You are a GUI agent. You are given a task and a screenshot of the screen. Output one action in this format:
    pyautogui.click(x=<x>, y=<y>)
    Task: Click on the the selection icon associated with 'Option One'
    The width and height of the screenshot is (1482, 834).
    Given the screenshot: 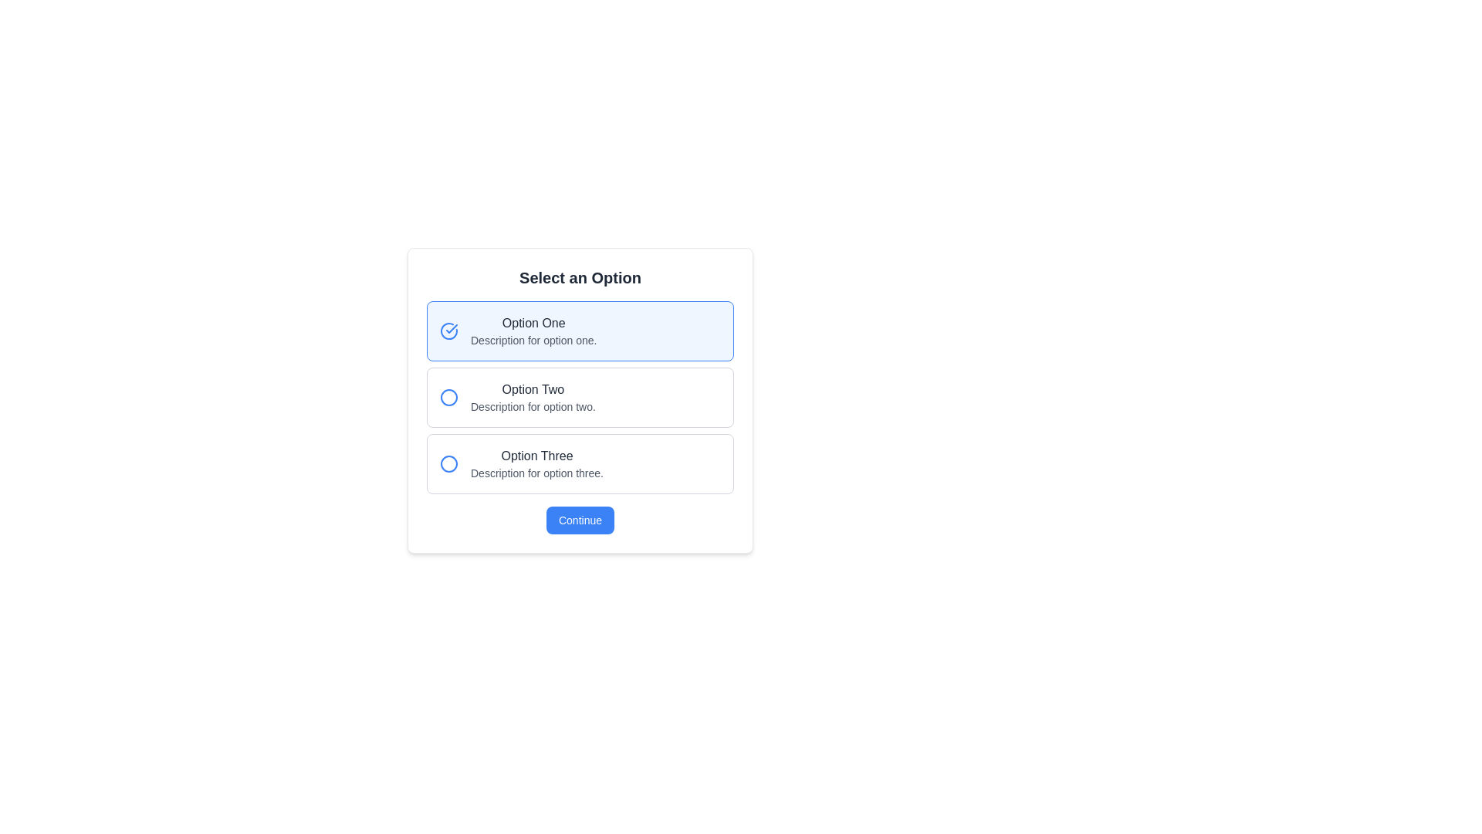 What is the action you would take?
    pyautogui.click(x=448, y=330)
    